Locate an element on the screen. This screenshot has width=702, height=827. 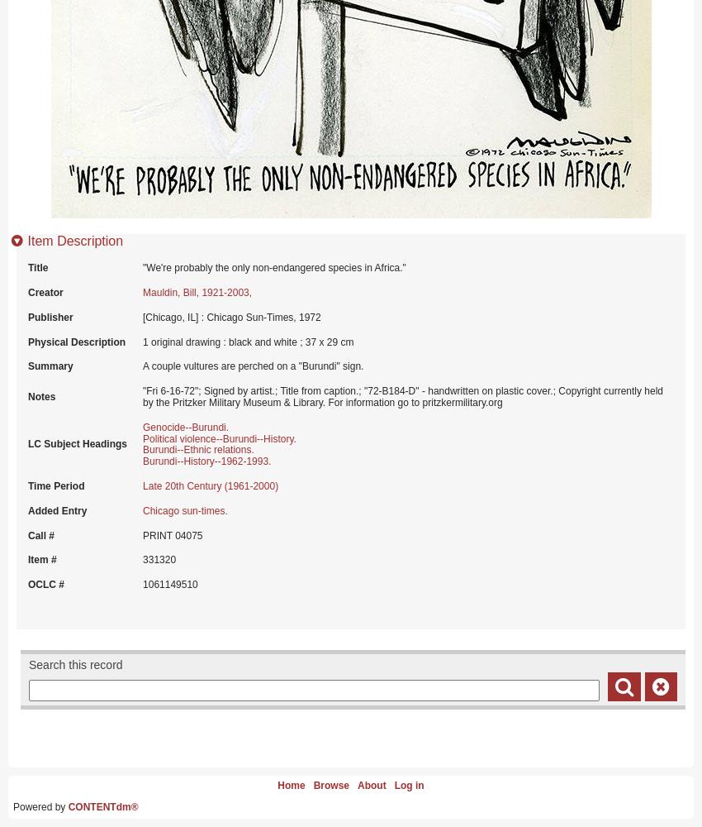
'"Fri 6-16-72"; Signed by artist.; Title from caption.; "72-B184-D" - handwritten on plastic cover.; Copyright currently held by the Pritzker Military Museum & Library. For information go to pritzkermilitary.org' is located at coordinates (404, 395).